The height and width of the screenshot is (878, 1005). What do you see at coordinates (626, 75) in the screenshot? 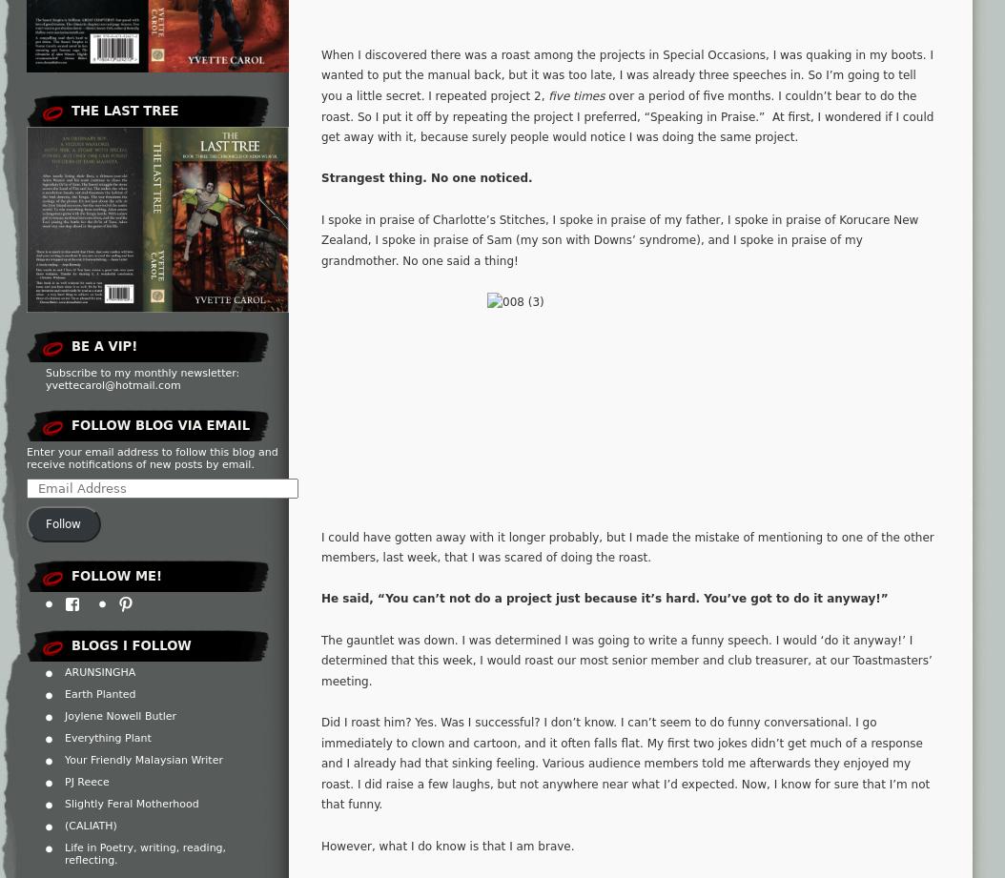
I see `'When I discovered there was a roast among the projects in Special Occasions, I was quaking in my boots. I wanted to put the manual back, but it was too late, I was already three speeches in. So I’m going to tell you a little secret. I repeated project 2,'` at bounding box center [626, 75].